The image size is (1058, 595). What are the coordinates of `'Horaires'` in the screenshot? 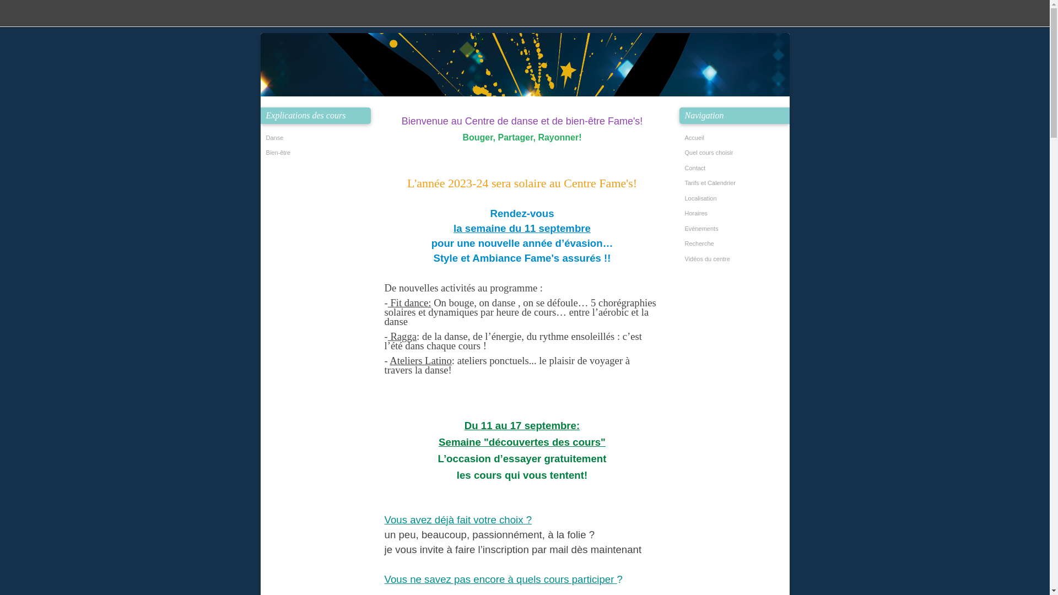 It's located at (736, 214).